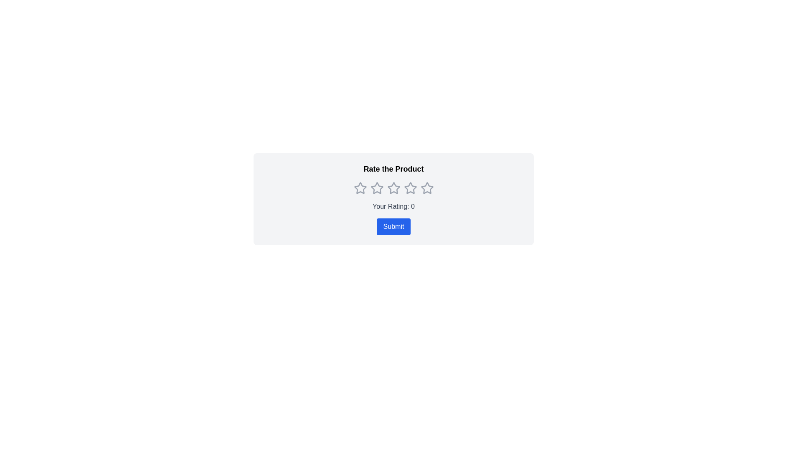 The width and height of the screenshot is (802, 451). What do you see at coordinates (376, 188) in the screenshot?
I see `the second star icon in the five-star rating system located beneath 'Rate the Product' to assign a rating` at bounding box center [376, 188].